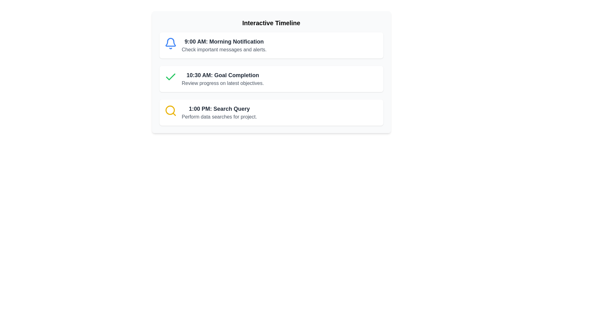  I want to click on the timeline entry label located in the '1:00 PM' section, which provides a timestamp and summary of the event, so click(219, 109).